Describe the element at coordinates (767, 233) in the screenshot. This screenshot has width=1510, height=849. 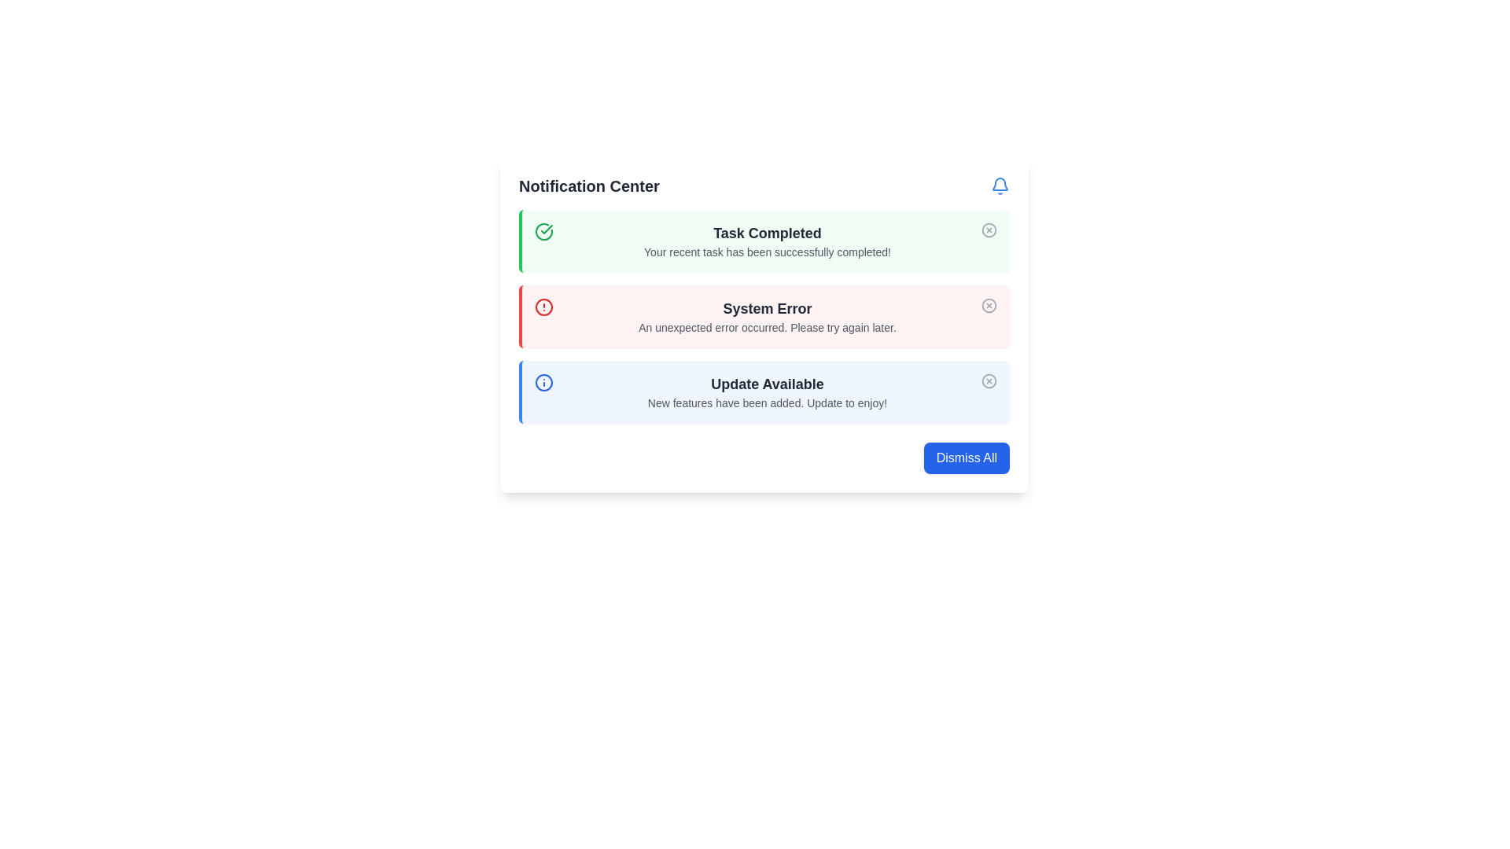
I see `the Text Label indicating successful completion of a task in the green notification box, which is the first of three notification entries` at that location.